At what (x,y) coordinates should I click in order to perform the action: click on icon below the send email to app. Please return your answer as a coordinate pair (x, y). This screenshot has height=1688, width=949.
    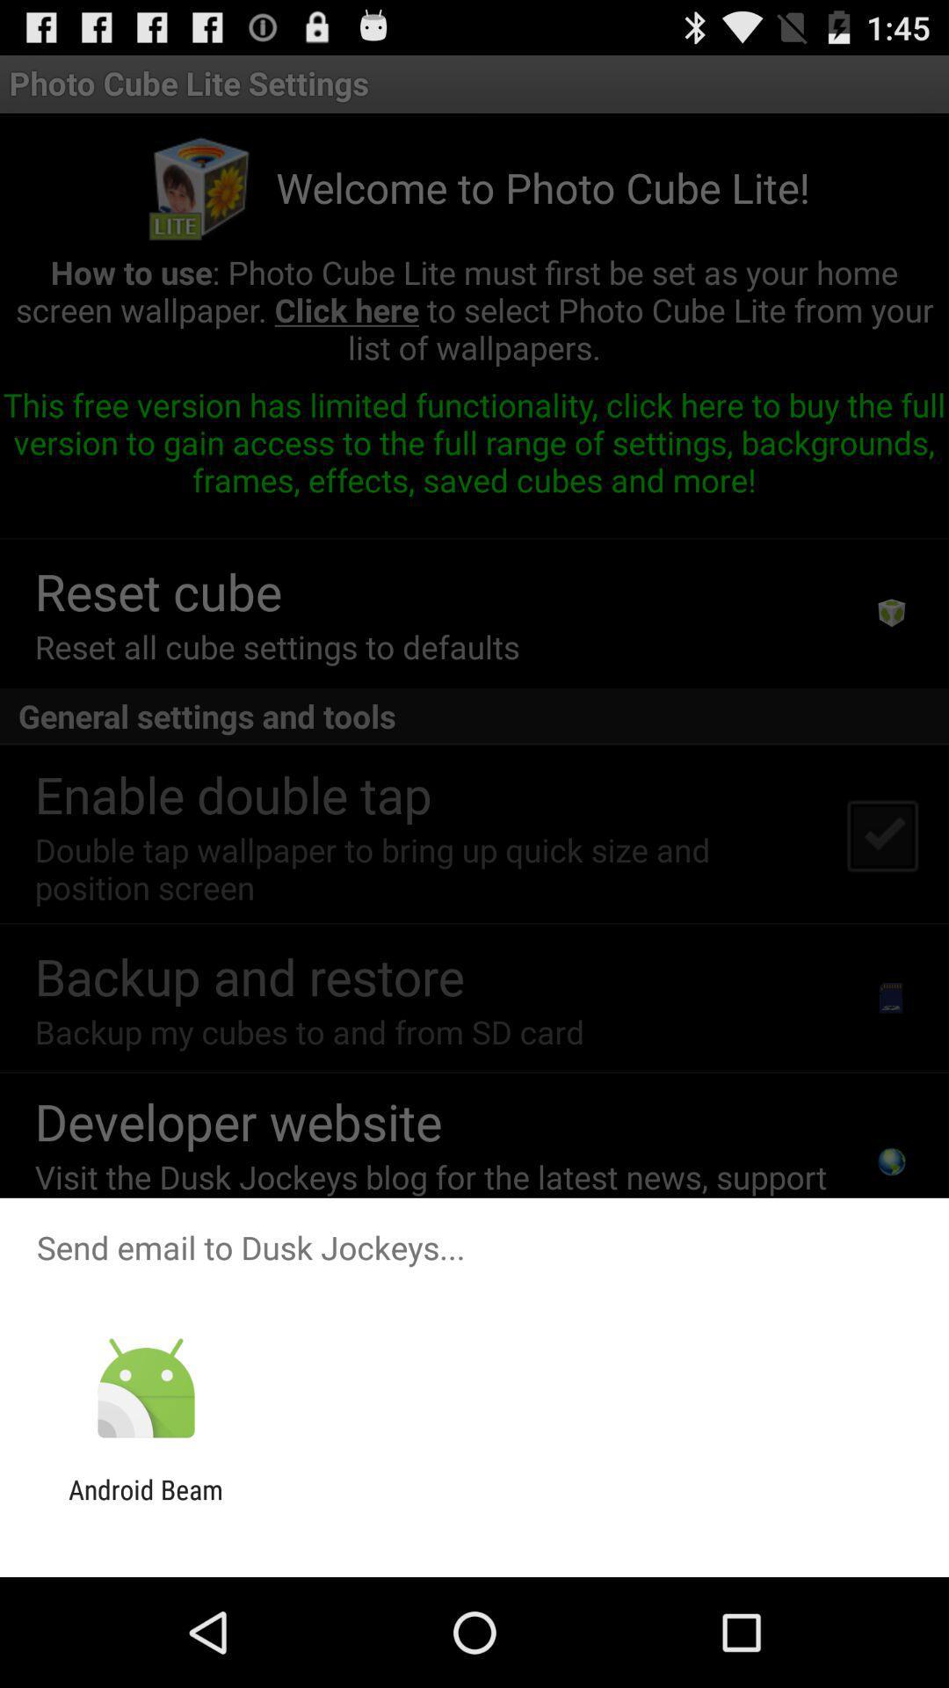
    Looking at the image, I should click on (145, 1388).